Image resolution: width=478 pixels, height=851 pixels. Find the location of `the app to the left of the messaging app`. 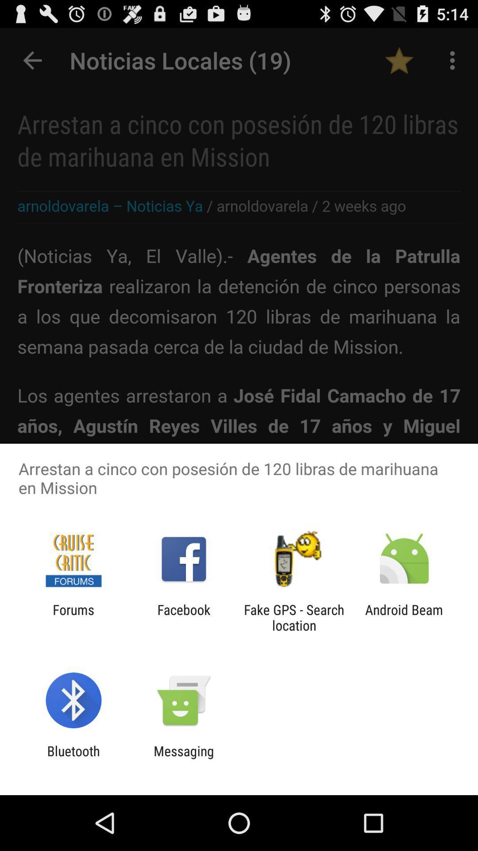

the app to the left of the messaging app is located at coordinates (73, 758).